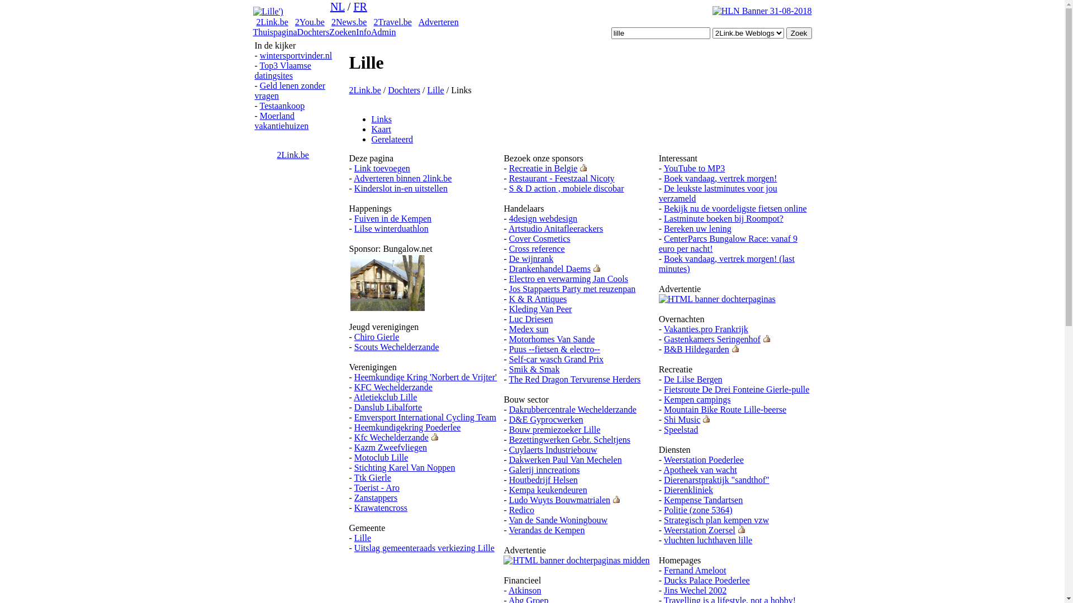  Describe the element at coordinates (353, 228) in the screenshot. I see `'Lilse winterduathlon'` at that location.